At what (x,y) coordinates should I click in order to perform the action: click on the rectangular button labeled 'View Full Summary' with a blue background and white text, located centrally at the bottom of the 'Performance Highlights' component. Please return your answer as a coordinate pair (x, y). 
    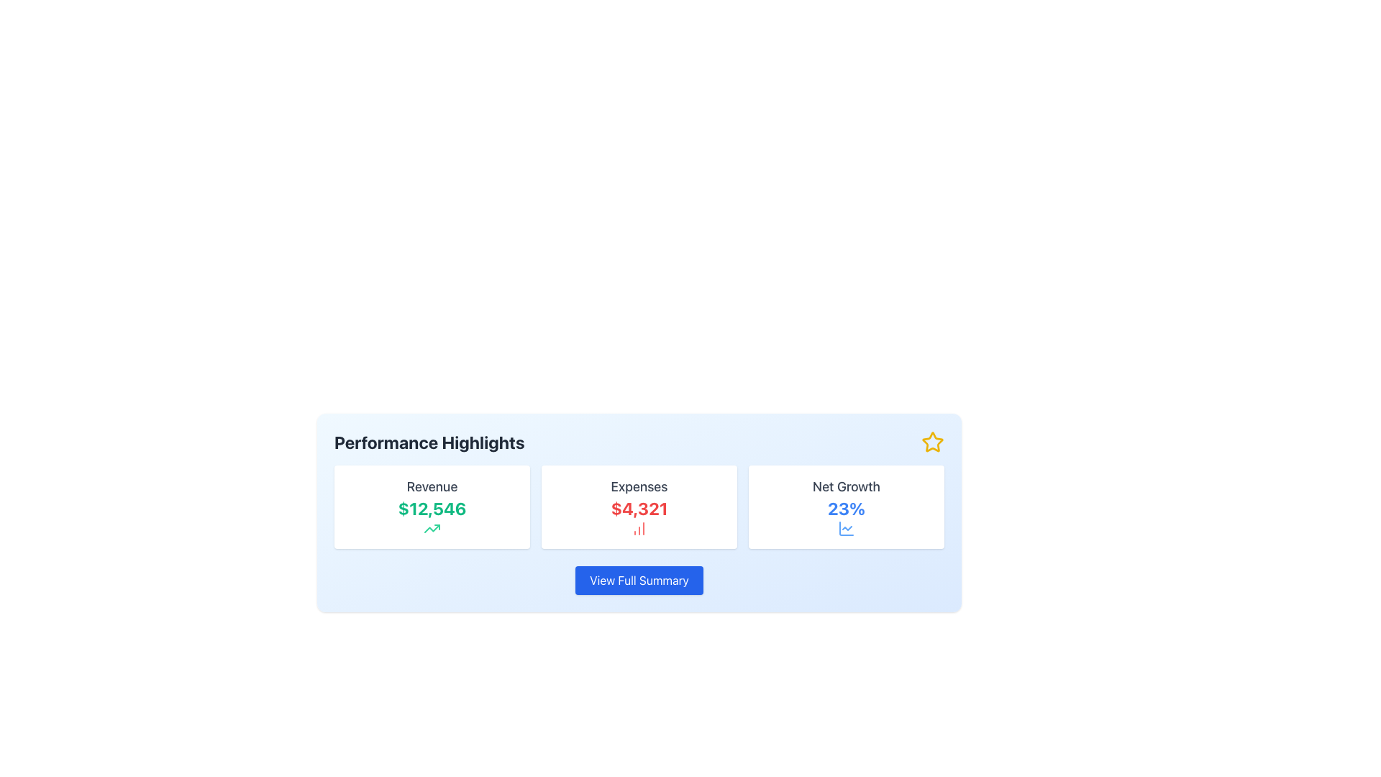
    Looking at the image, I should click on (638, 579).